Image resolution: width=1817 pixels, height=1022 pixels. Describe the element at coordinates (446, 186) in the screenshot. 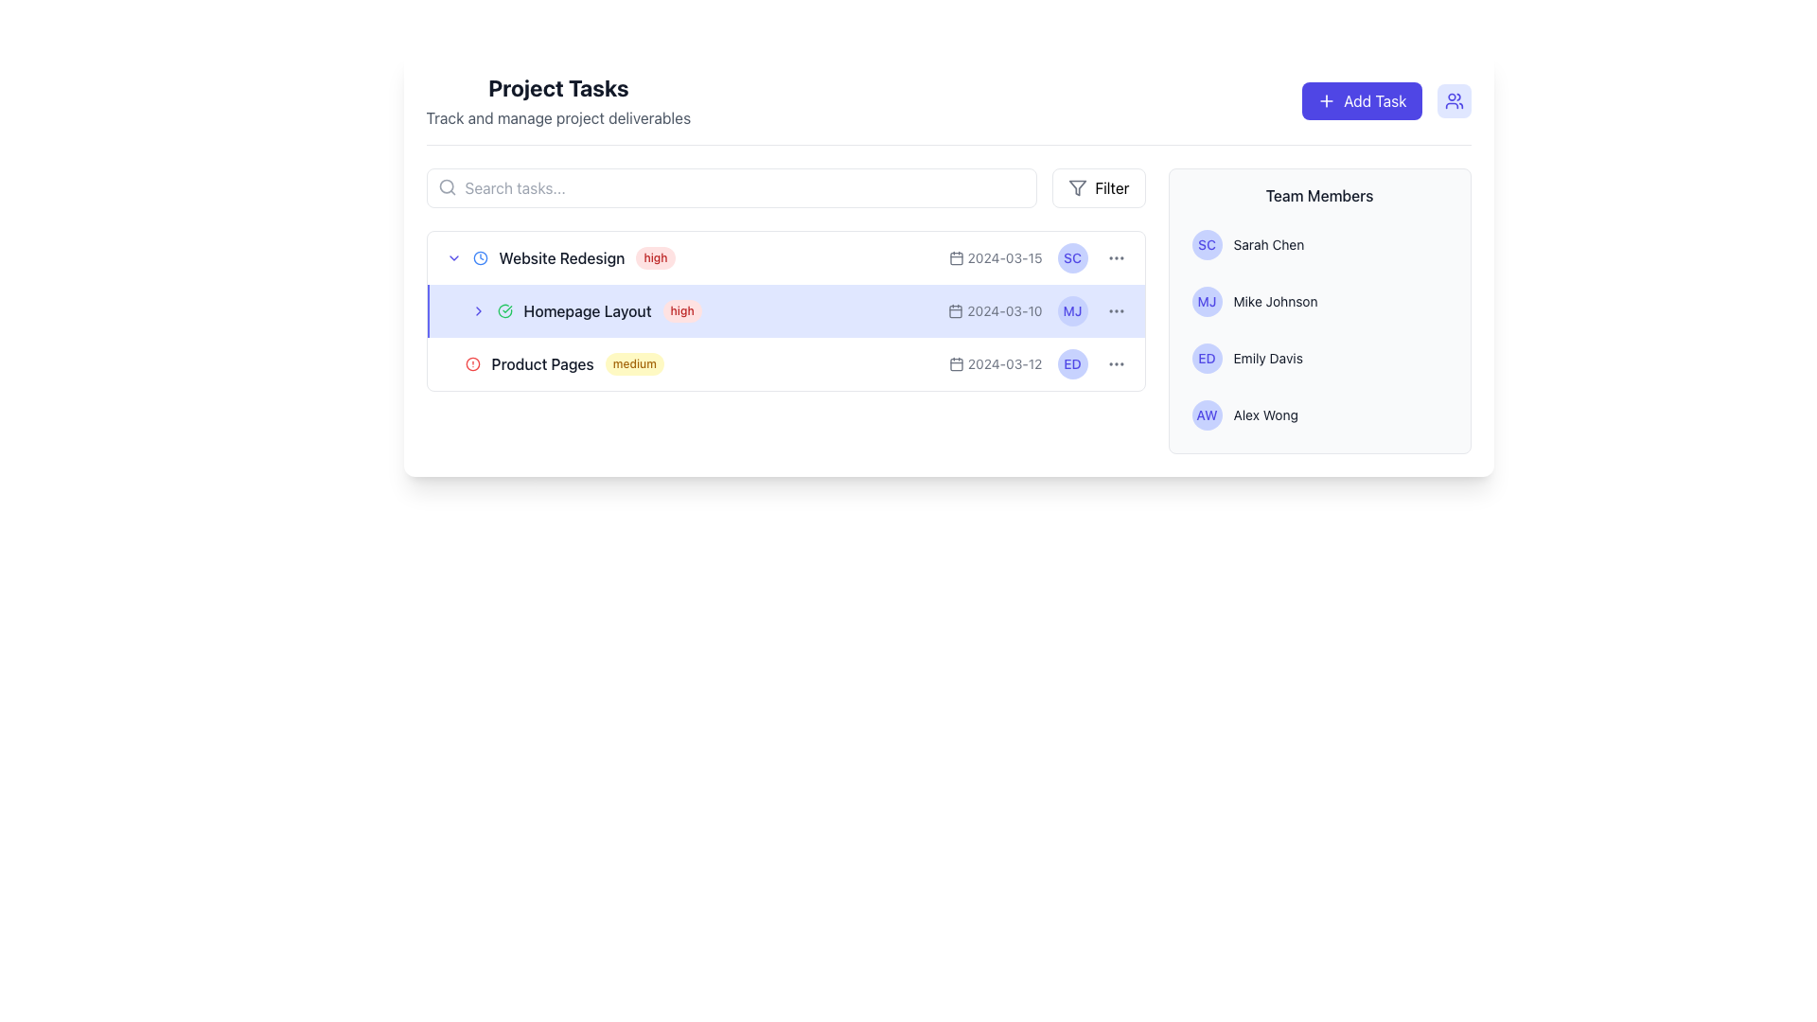

I see `the search icon located inside the top search bar to the left of the placeholder text 'Search tasks...'` at that location.